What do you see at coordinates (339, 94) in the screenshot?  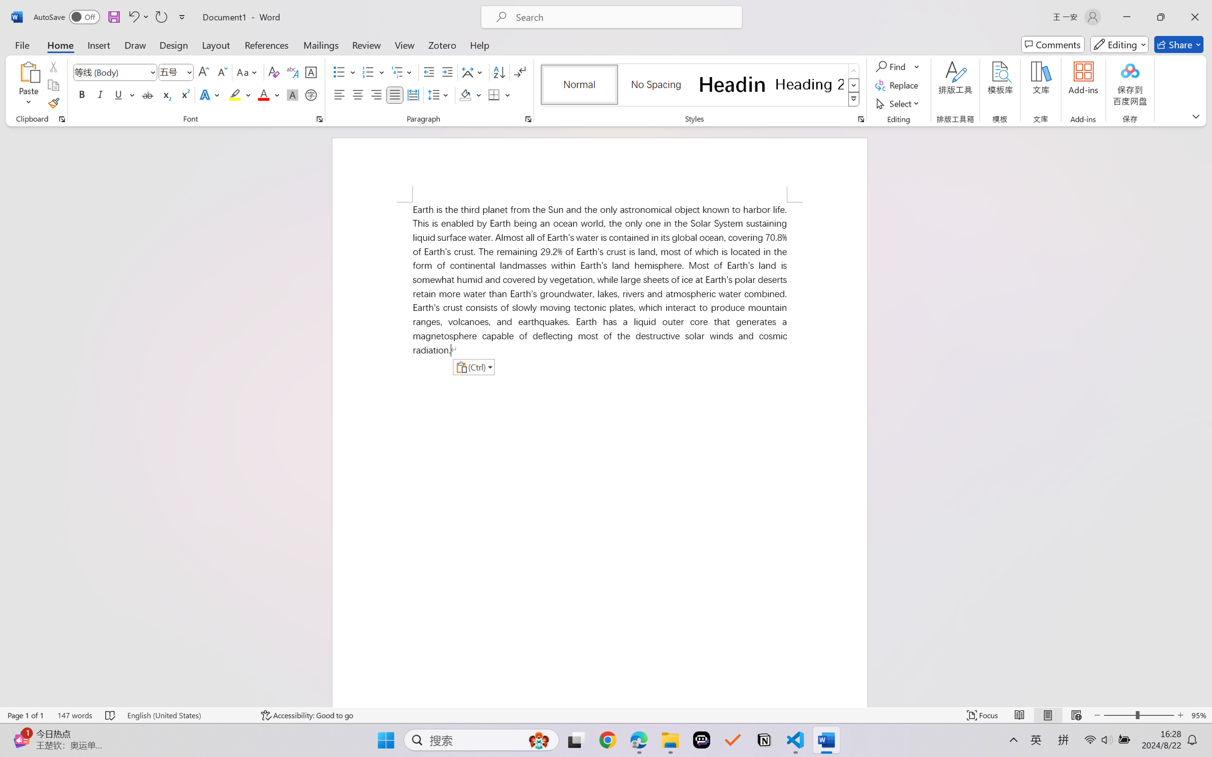 I see `'Align Left'` at bounding box center [339, 94].